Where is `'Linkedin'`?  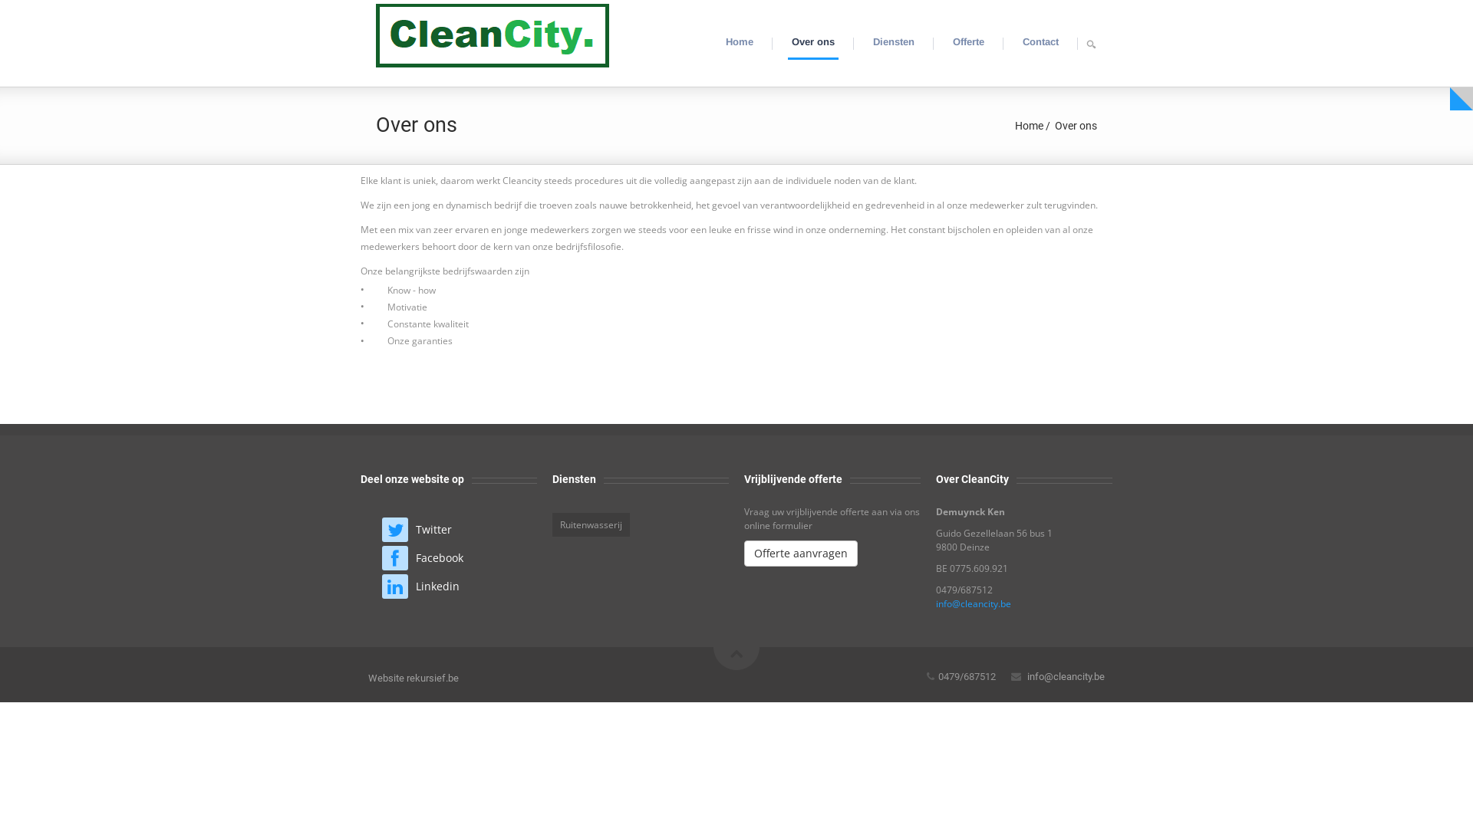 'Linkedin' is located at coordinates (437, 586).